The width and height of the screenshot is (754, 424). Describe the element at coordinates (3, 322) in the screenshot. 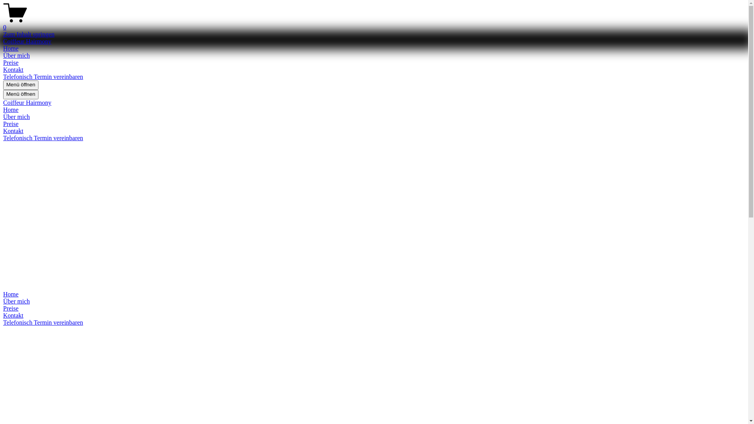

I see `'Telefonisch Termin vereinbaren'` at that location.